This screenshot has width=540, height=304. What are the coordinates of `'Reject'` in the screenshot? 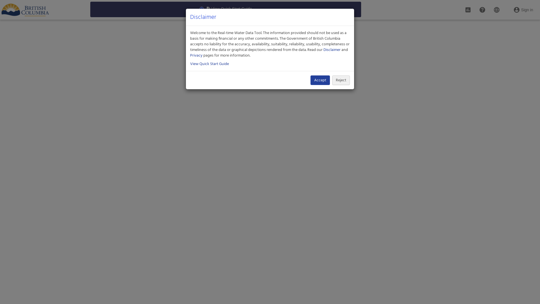 It's located at (341, 80).